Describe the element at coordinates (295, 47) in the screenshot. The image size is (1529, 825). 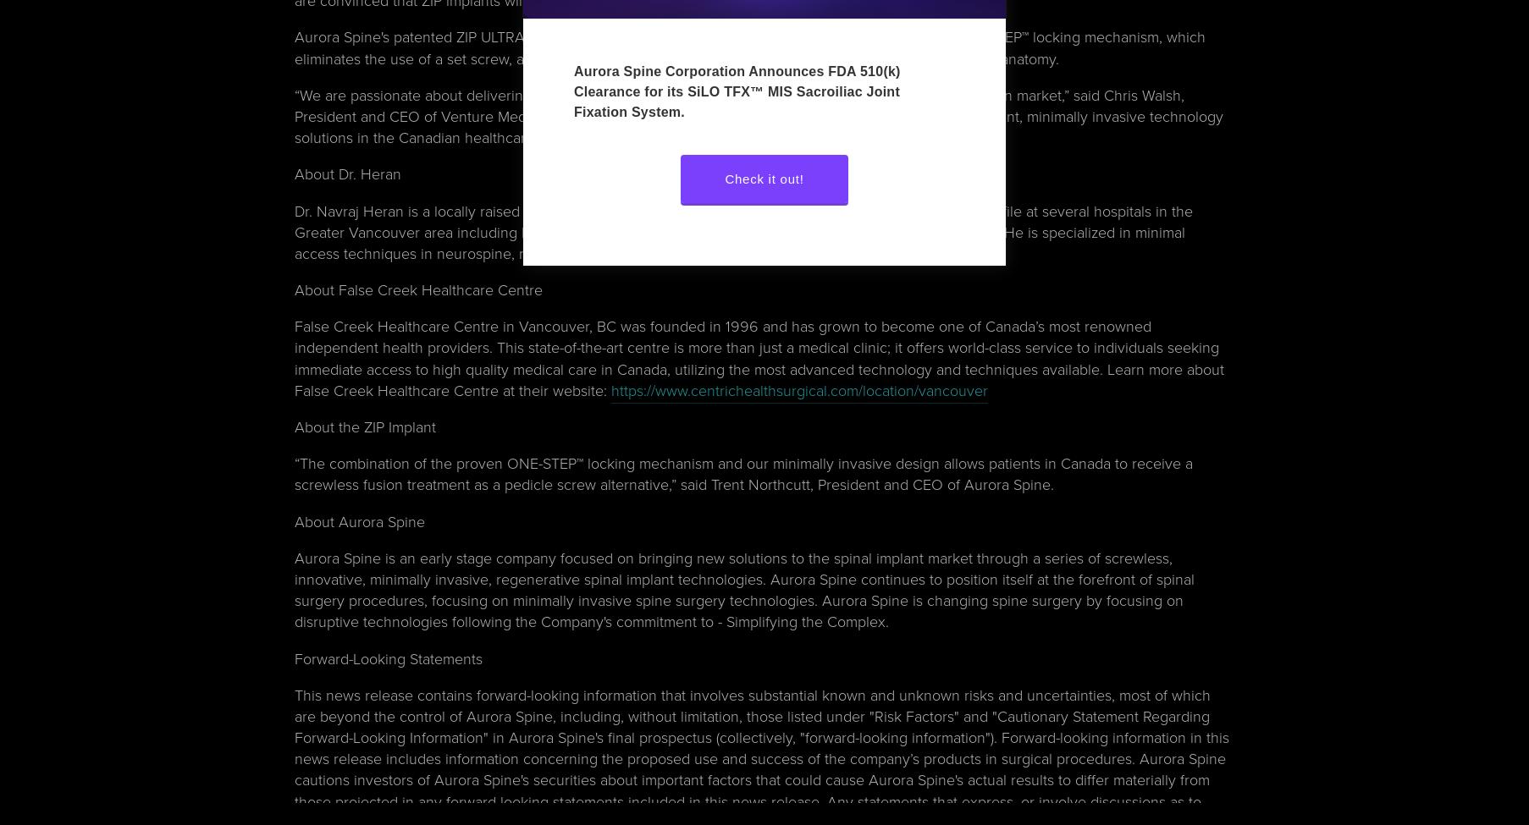
I see `'Aurora Spine's patented ZIP ULTRA MIS interspinous fixation implant for spinal fusion consists of the ONE-STEP™ locking mechanism, which eliminates the use of a set screw, articulating spikes and various sizes to accommodate variations in patient anatomy.'` at that location.